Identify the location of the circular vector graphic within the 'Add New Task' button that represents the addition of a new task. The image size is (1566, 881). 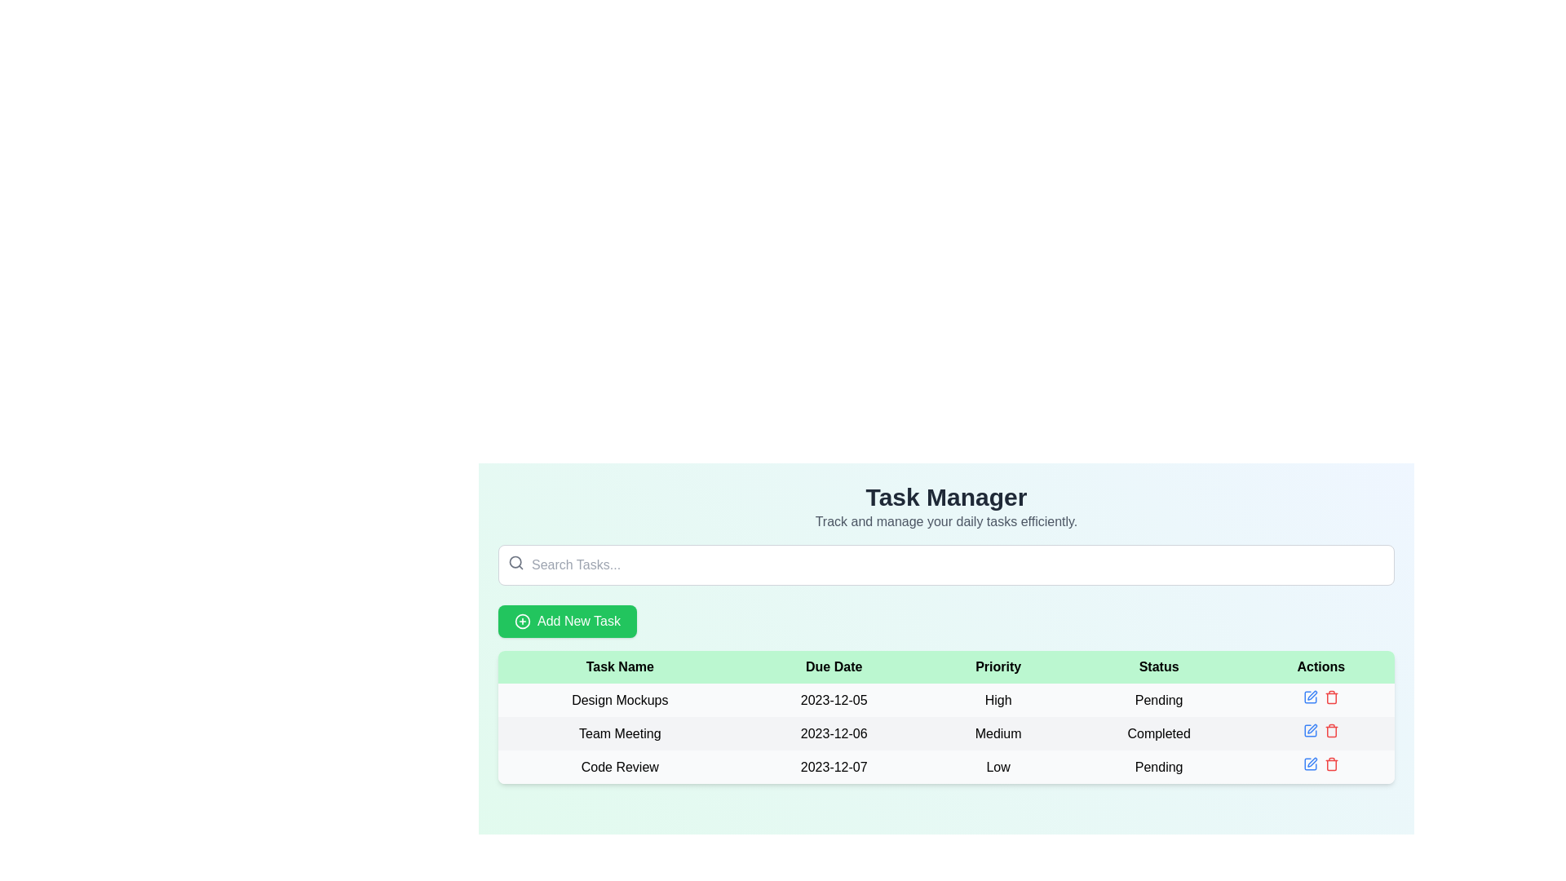
(523, 622).